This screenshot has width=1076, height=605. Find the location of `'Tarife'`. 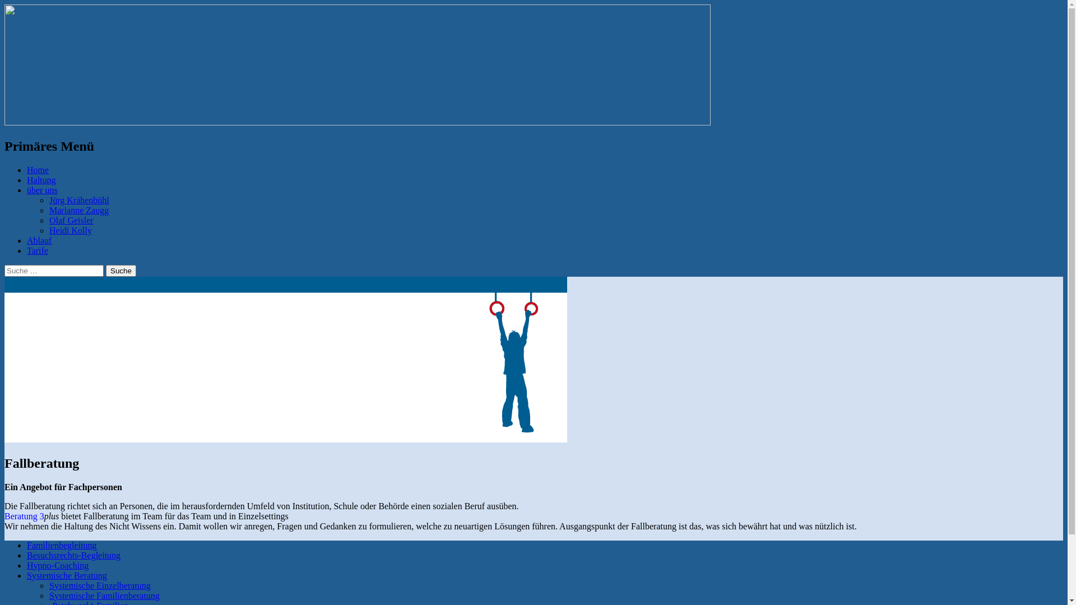

'Tarife' is located at coordinates (38, 250).